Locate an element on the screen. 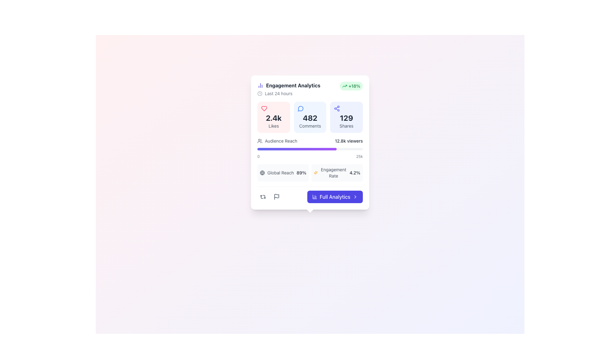  the heart-shaped icon, which is styled with a rose-red color fill and positioned in the top-left quadrant of the engagement metrics card, above the 2.4k Likes counter is located at coordinates (264, 108).